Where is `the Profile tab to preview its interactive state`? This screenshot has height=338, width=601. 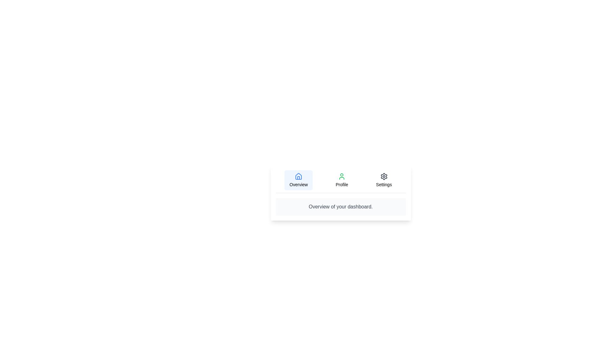
the Profile tab to preview its interactive state is located at coordinates (342, 180).